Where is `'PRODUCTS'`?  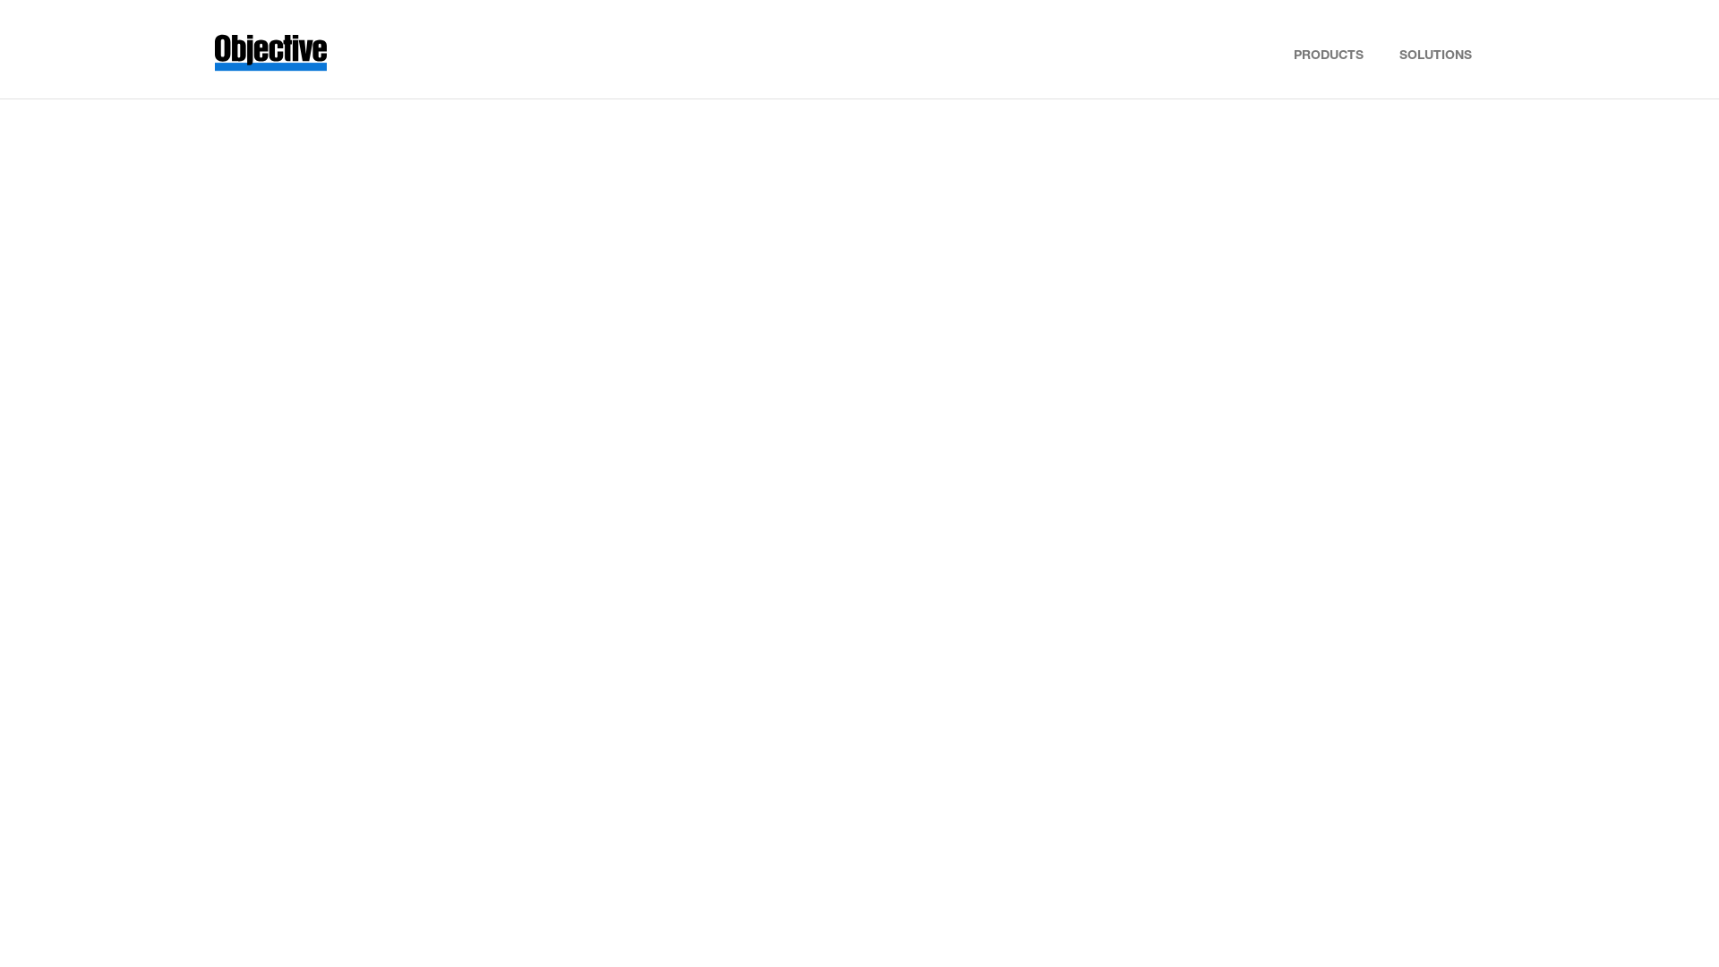 'PRODUCTS' is located at coordinates (1328, 50).